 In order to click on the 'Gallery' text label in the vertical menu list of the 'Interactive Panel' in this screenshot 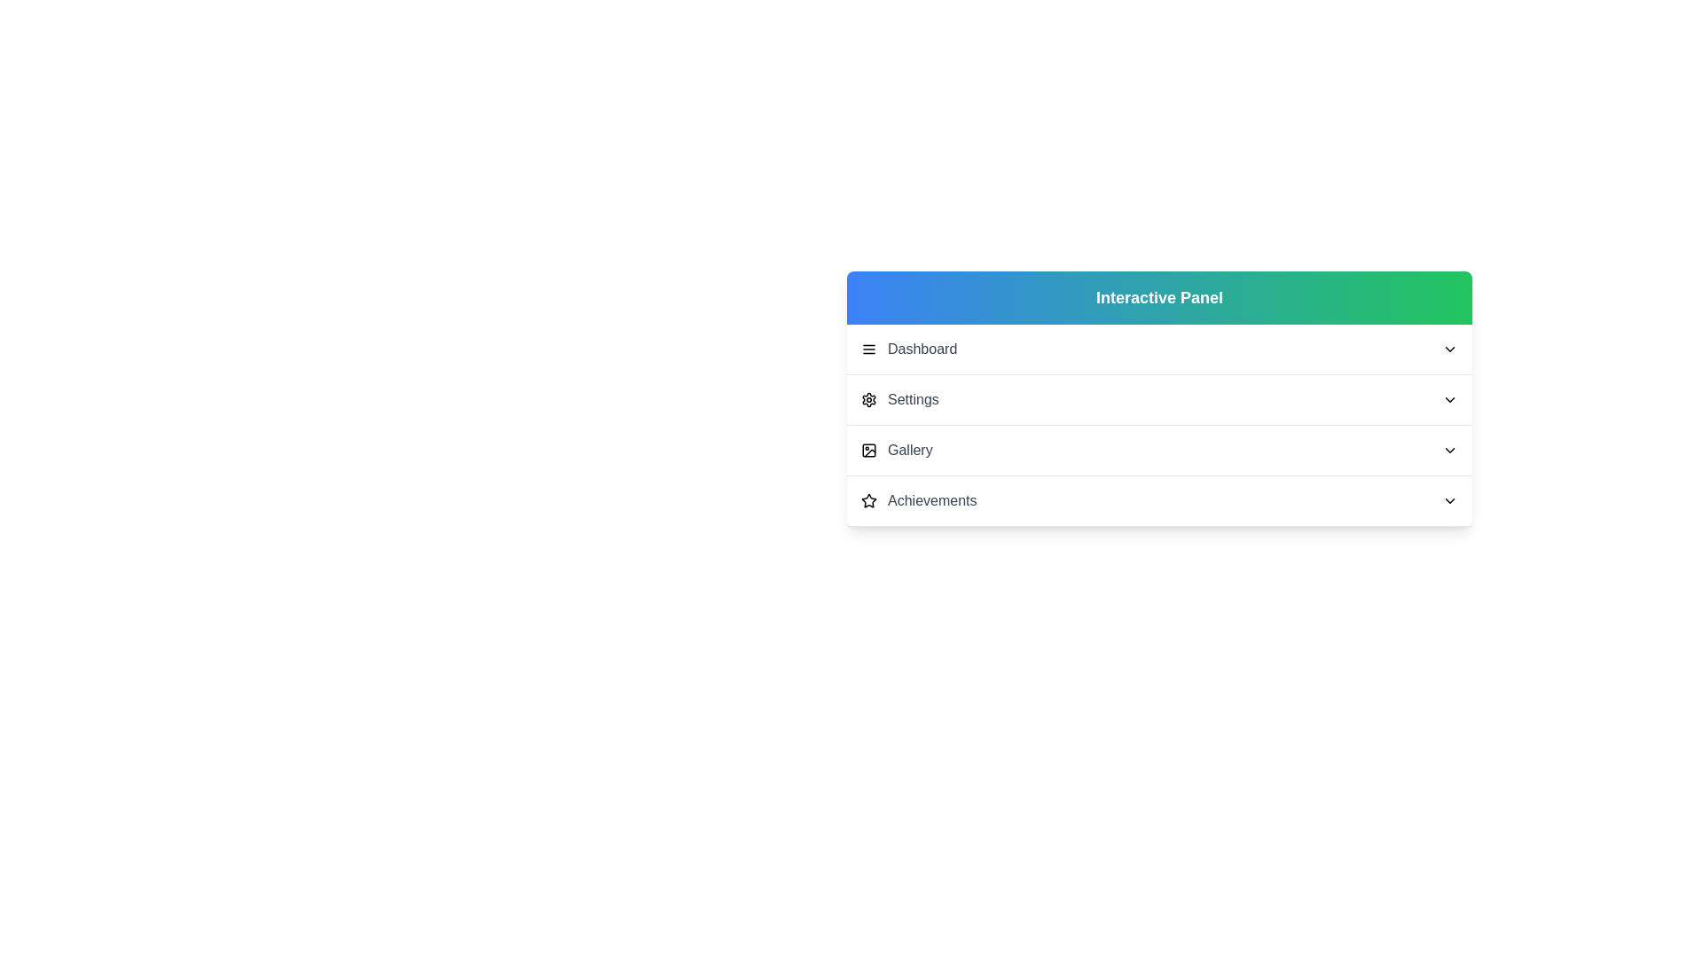, I will do `click(910, 450)`.